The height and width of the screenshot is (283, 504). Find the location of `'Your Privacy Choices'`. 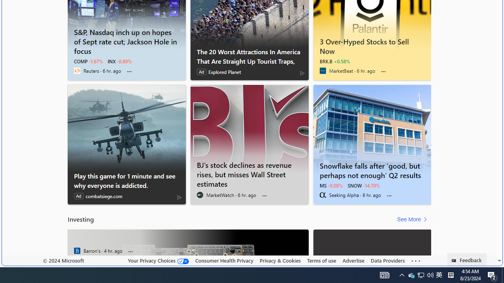

'Your Privacy Choices' is located at coordinates (157, 260).